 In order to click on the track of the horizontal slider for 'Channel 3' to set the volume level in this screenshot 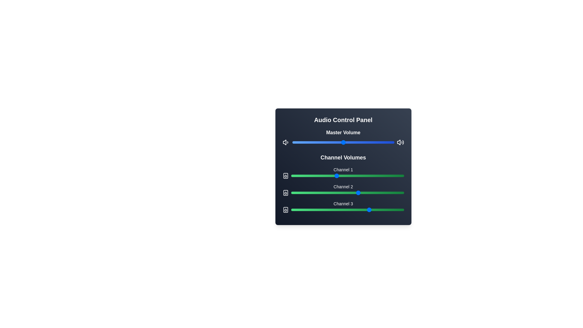, I will do `click(343, 209)`.